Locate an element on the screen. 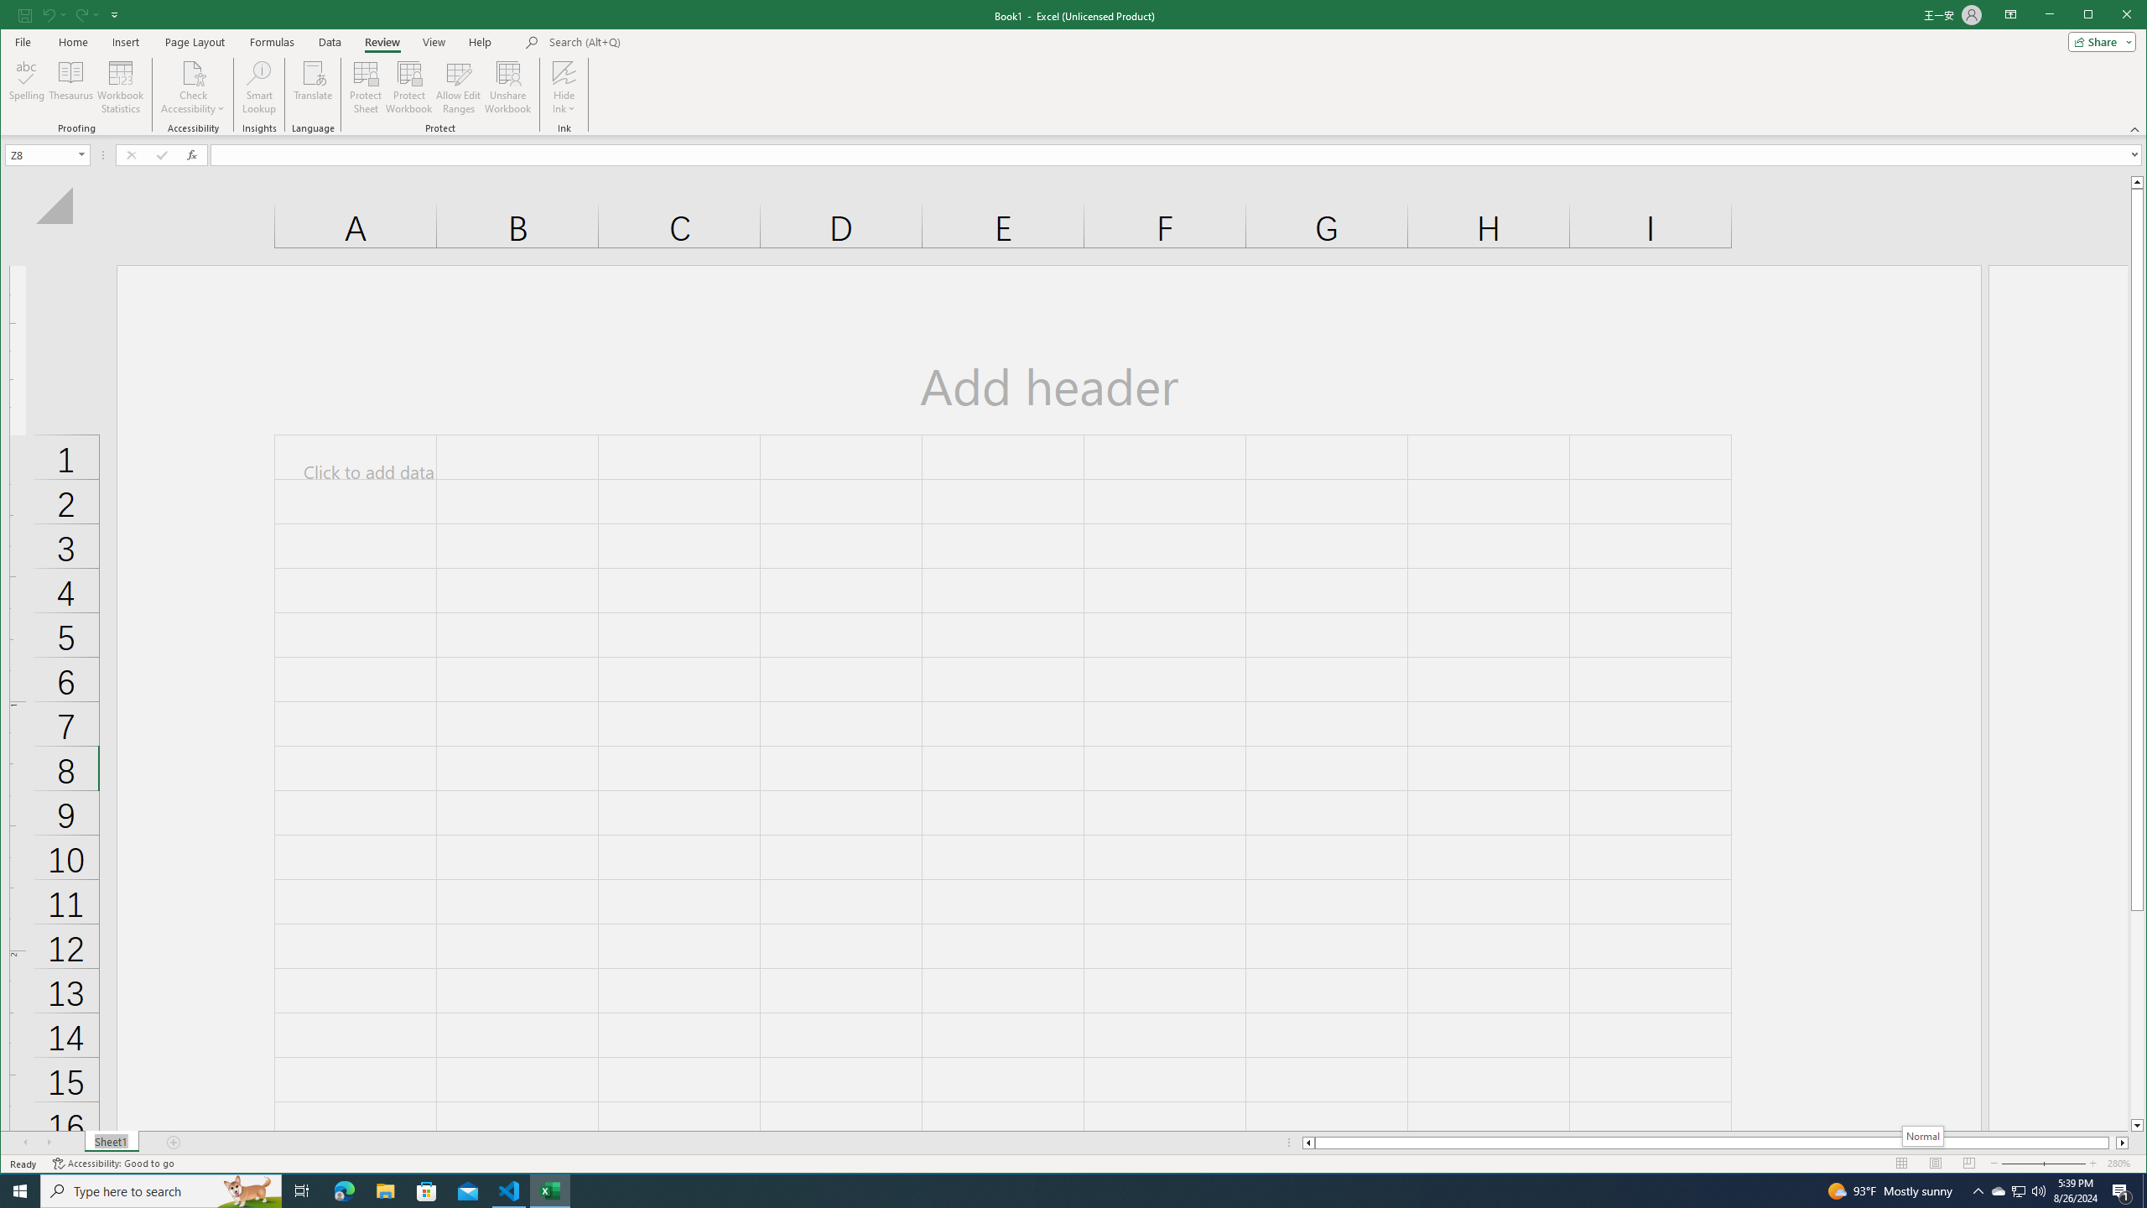  'Column left' is located at coordinates (1307, 1143).